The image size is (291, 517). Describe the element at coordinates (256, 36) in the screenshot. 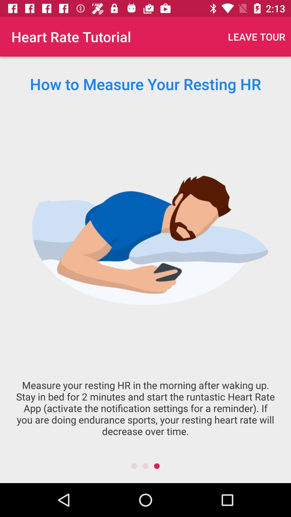

I see `leave tour icon` at that location.